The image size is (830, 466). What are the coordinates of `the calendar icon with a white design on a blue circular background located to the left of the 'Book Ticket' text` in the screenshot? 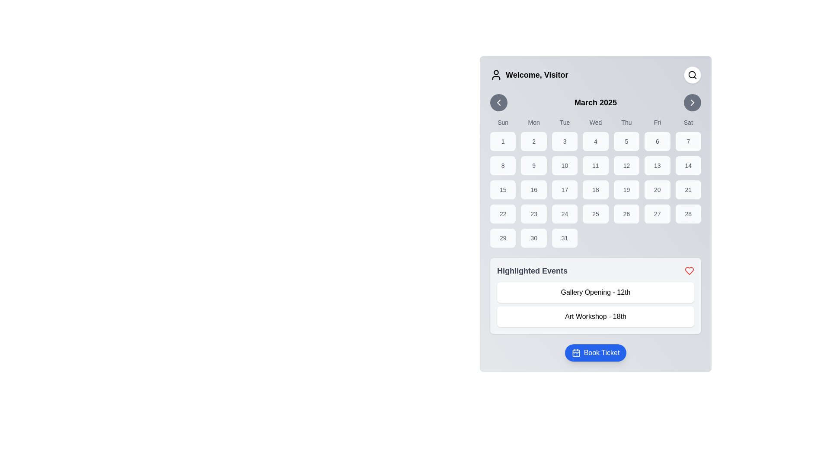 It's located at (576, 353).